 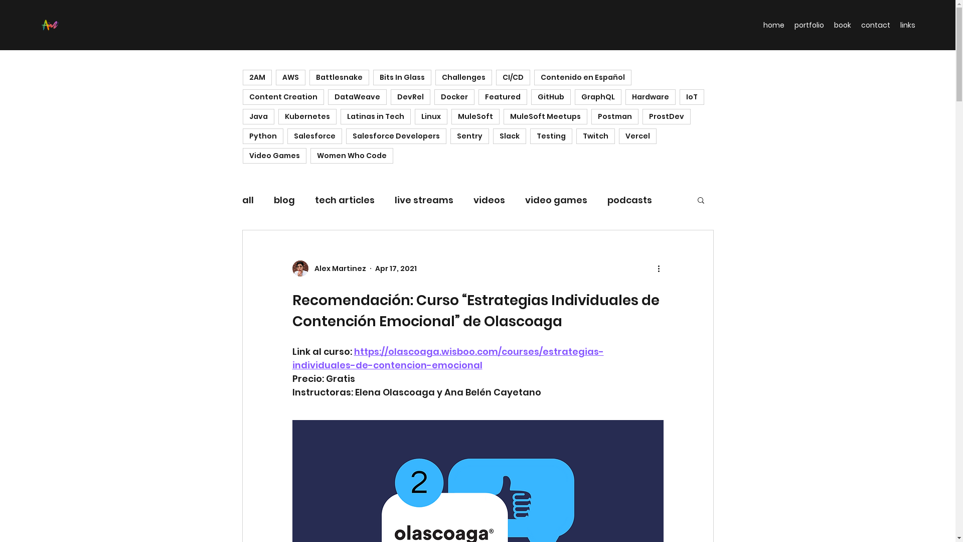 I want to click on 'CI/CD', so click(x=513, y=77).